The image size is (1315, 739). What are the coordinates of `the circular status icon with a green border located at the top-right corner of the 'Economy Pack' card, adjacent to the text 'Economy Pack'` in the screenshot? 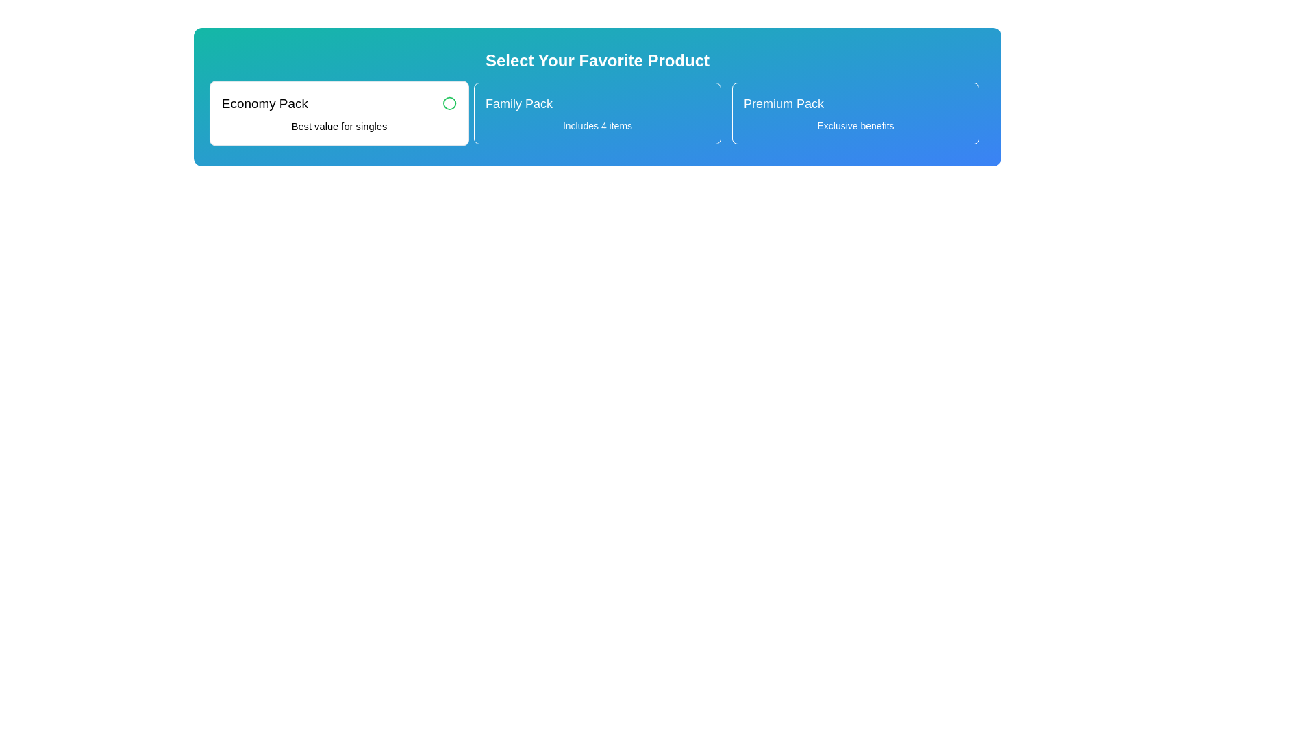 It's located at (449, 103).